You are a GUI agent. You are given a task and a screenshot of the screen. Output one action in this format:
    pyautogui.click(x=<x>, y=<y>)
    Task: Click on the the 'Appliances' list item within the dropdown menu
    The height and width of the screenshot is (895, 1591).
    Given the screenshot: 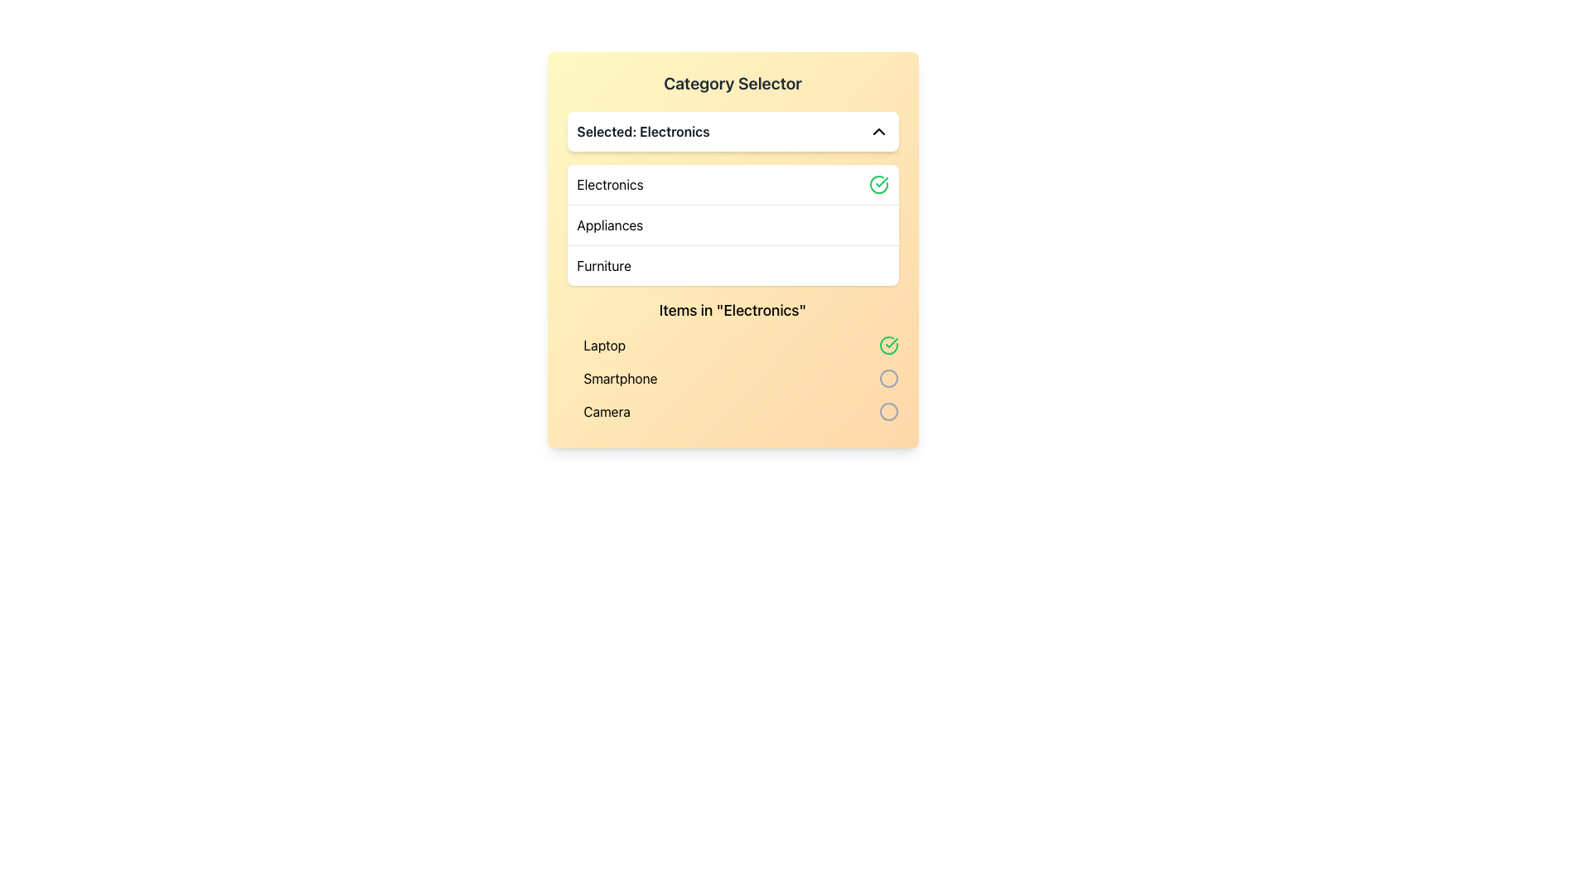 What is the action you would take?
    pyautogui.click(x=732, y=225)
    